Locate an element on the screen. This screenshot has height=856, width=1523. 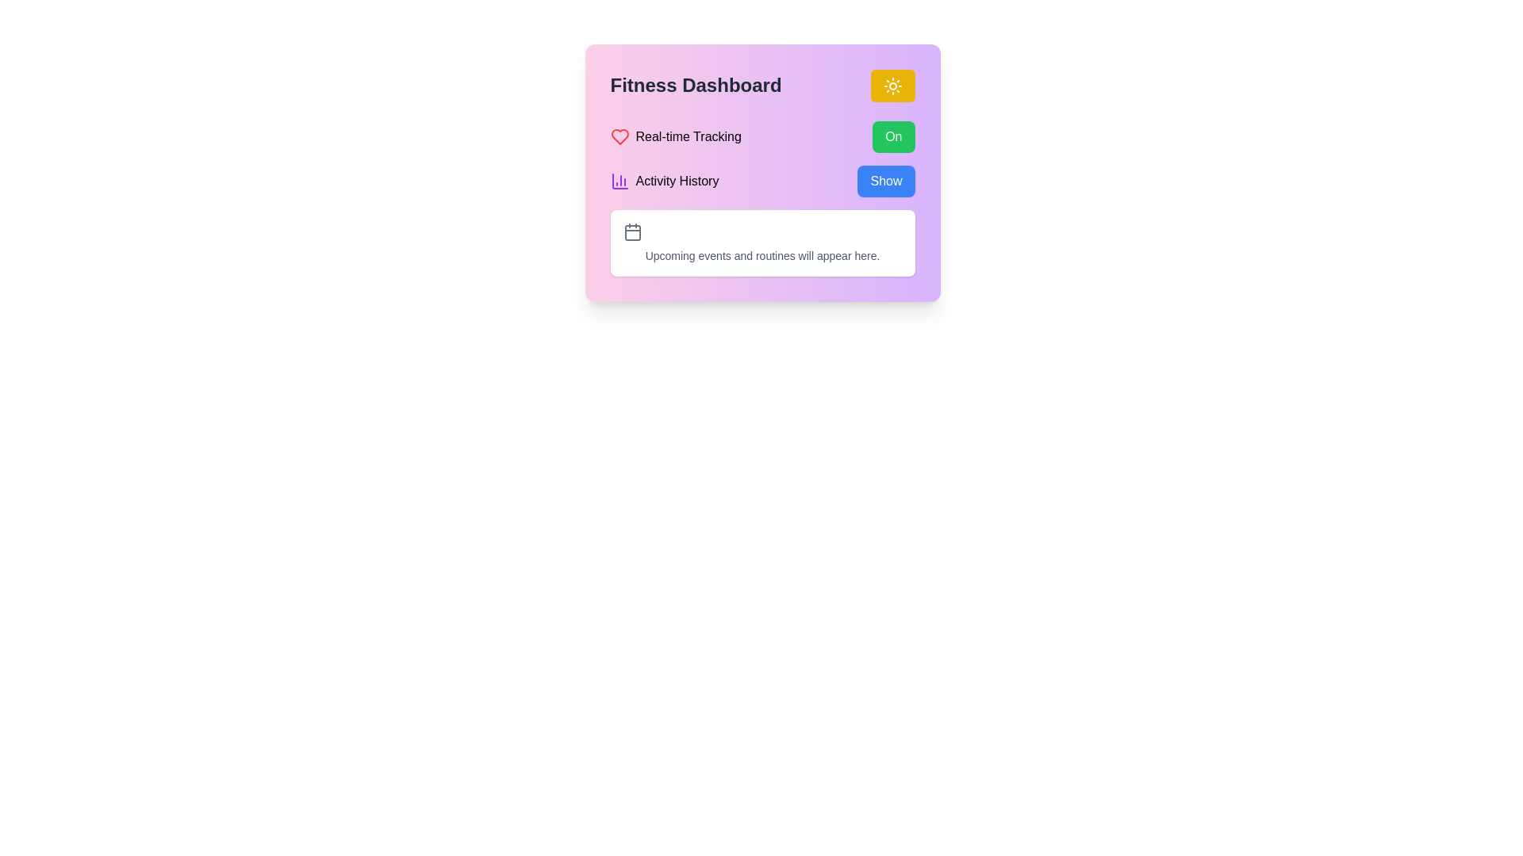
the 'Real-time Tracking' icon located in the top-left portion of the interface, which serves as a visual cue for the feature is located at coordinates (619, 136).